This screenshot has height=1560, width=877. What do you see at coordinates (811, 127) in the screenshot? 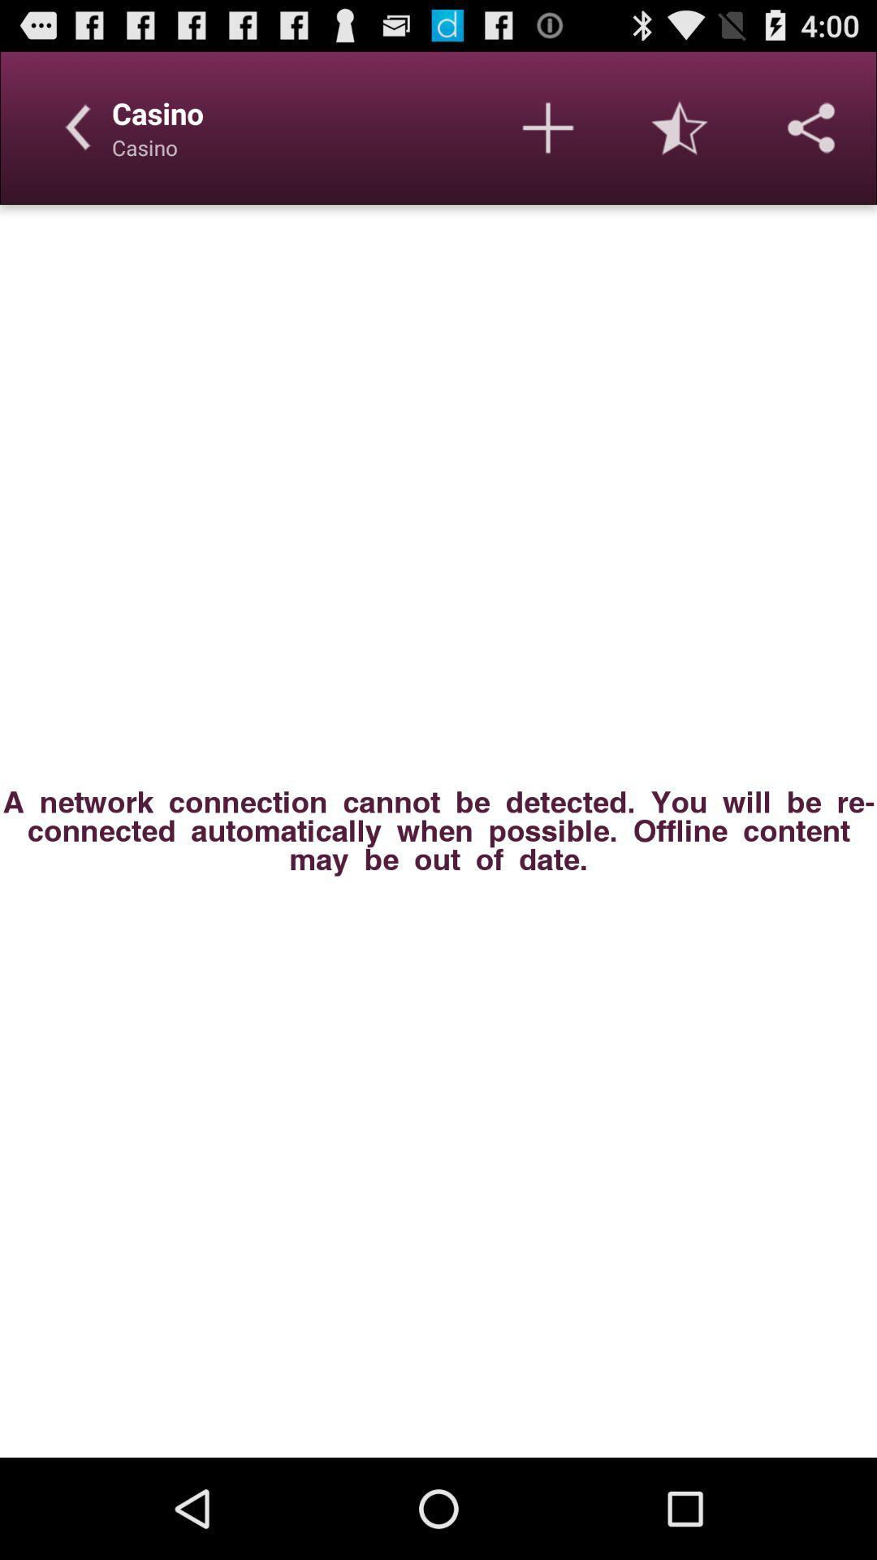
I see `item above the a network connection` at bounding box center [811, 127].